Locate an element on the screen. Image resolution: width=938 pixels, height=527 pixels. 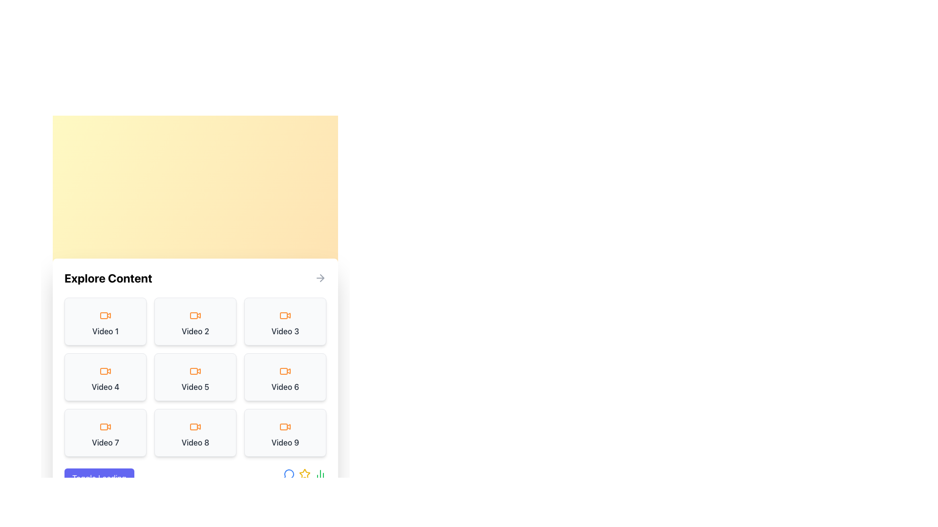
the video card labeled 'Video 9' located in the last column of the last row within the 'Explore Content' section is located at coordinates (285, 432).